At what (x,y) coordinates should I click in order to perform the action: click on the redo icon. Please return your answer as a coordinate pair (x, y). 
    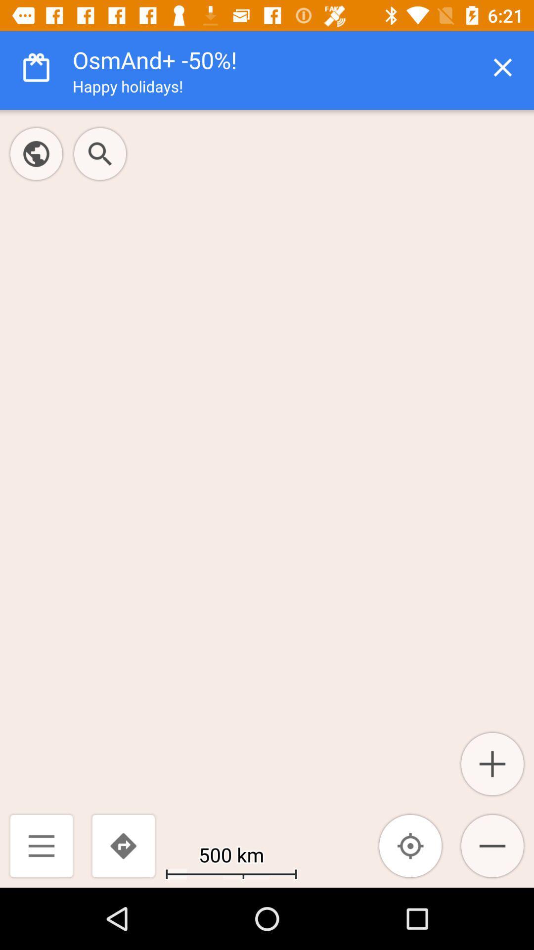
    Looking at the image, I should click on (123, 845).